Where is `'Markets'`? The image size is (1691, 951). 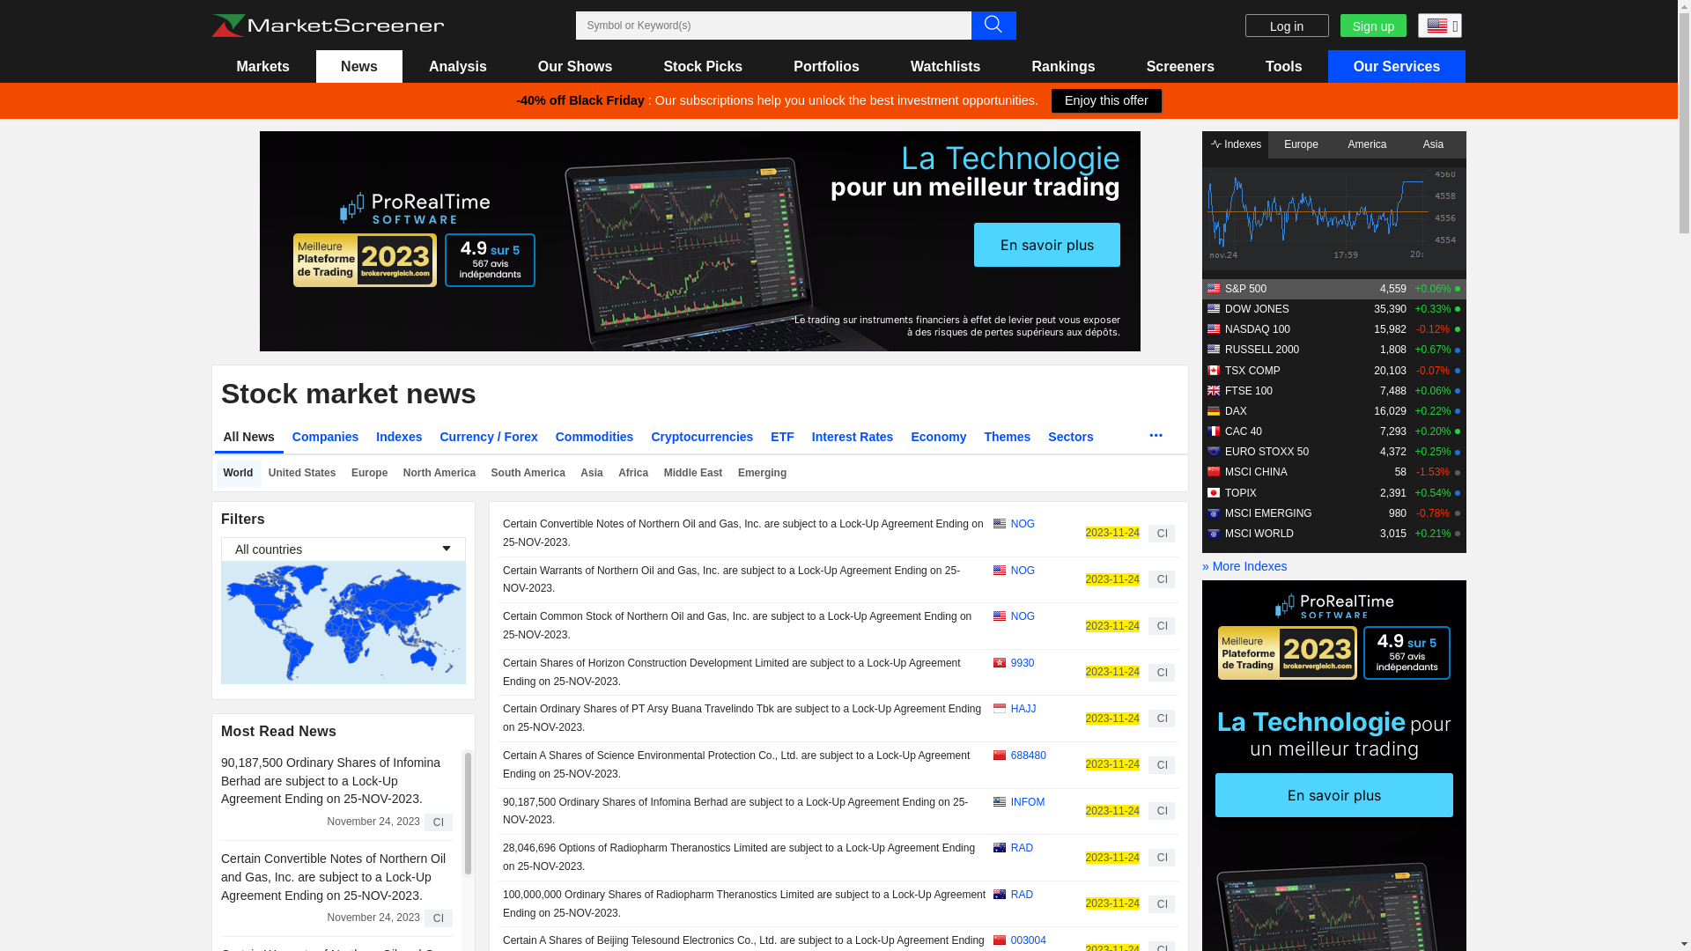 'Markets' is located at coordinates (262, 65).